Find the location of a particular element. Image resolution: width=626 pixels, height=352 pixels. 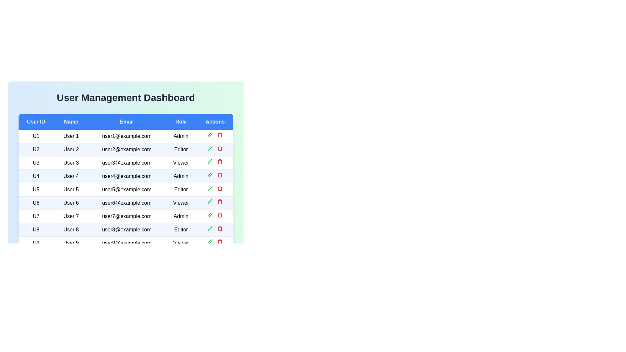

delete button for the user with ID U2 is located at coordinates (220, 148).